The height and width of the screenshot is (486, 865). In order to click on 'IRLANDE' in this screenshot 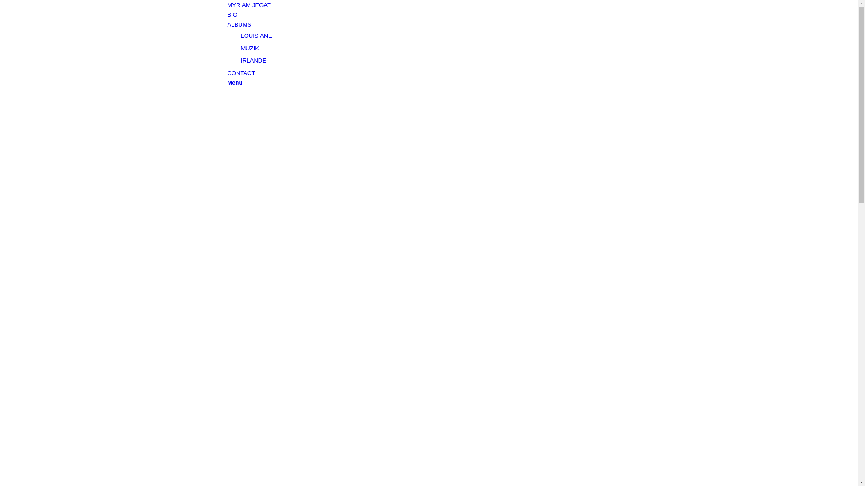, I will do `click(252, 60)`.